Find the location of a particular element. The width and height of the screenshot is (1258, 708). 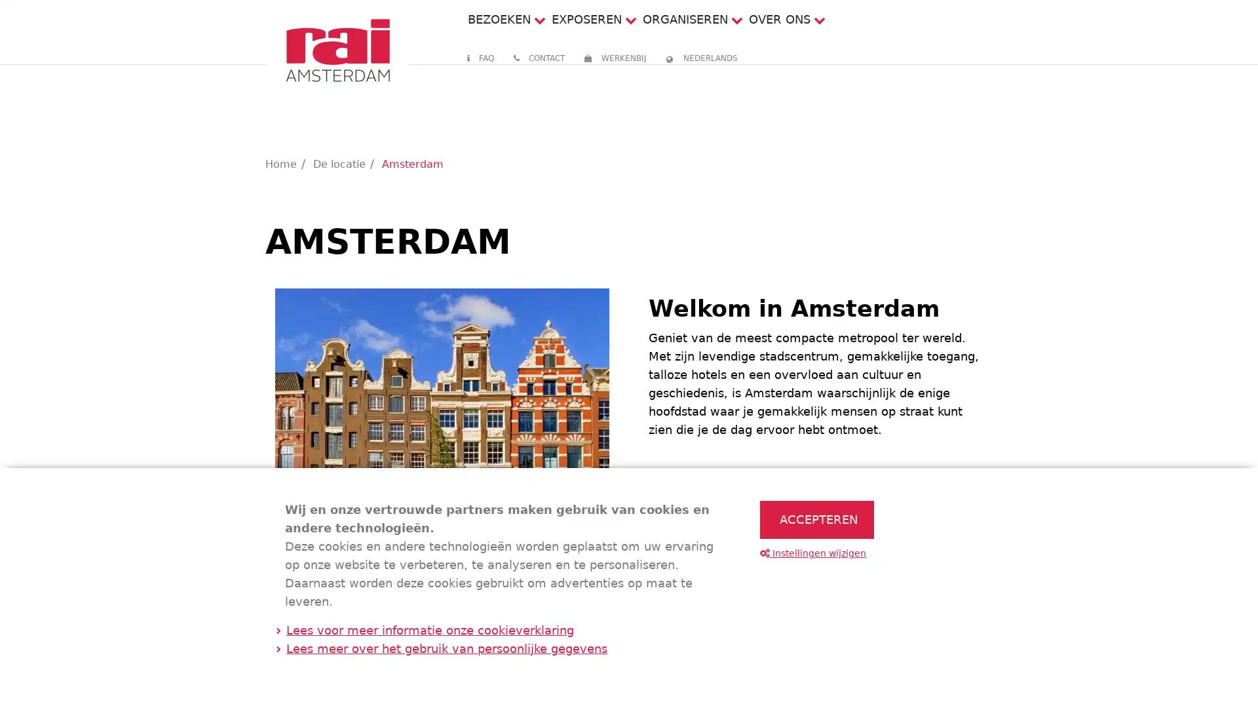

ORGANISEREN is located at coordinates (684, 19).